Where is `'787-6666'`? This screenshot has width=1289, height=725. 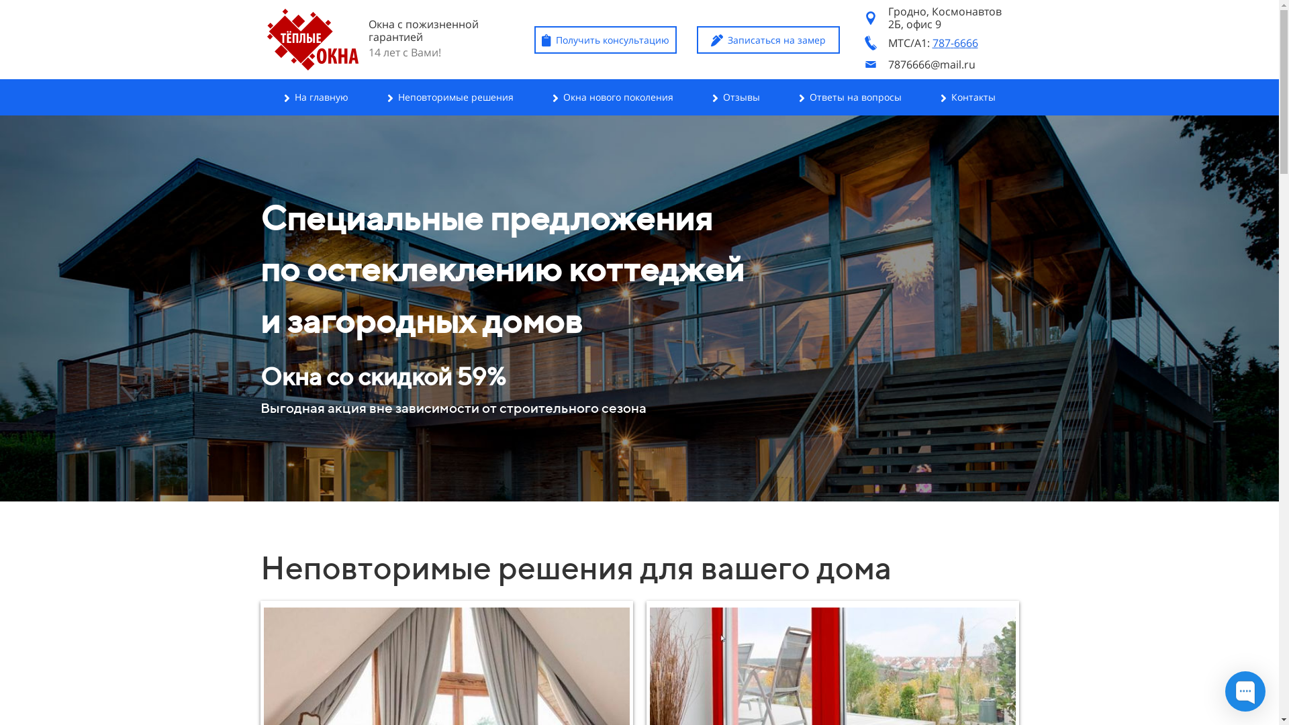
'787-6666' is located at coordinates (953, 42).